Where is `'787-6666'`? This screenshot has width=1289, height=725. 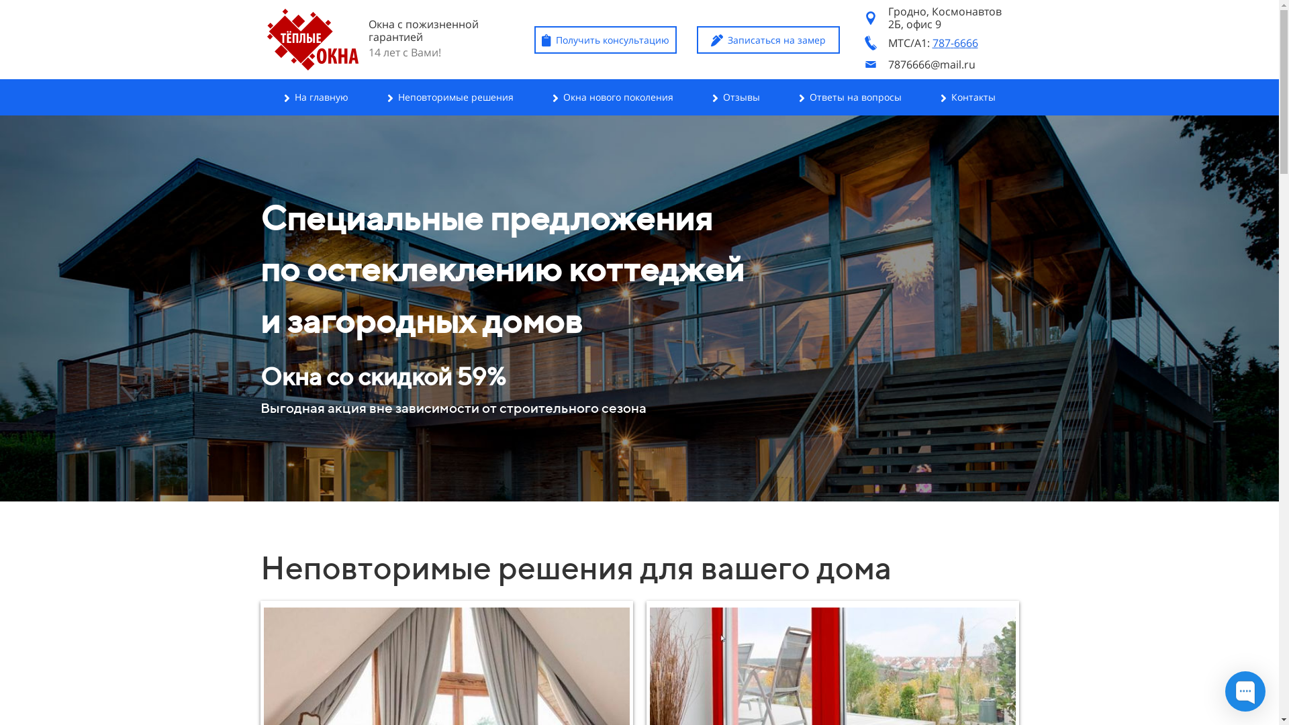
'787-6666' is located at coordinates (953, 42).